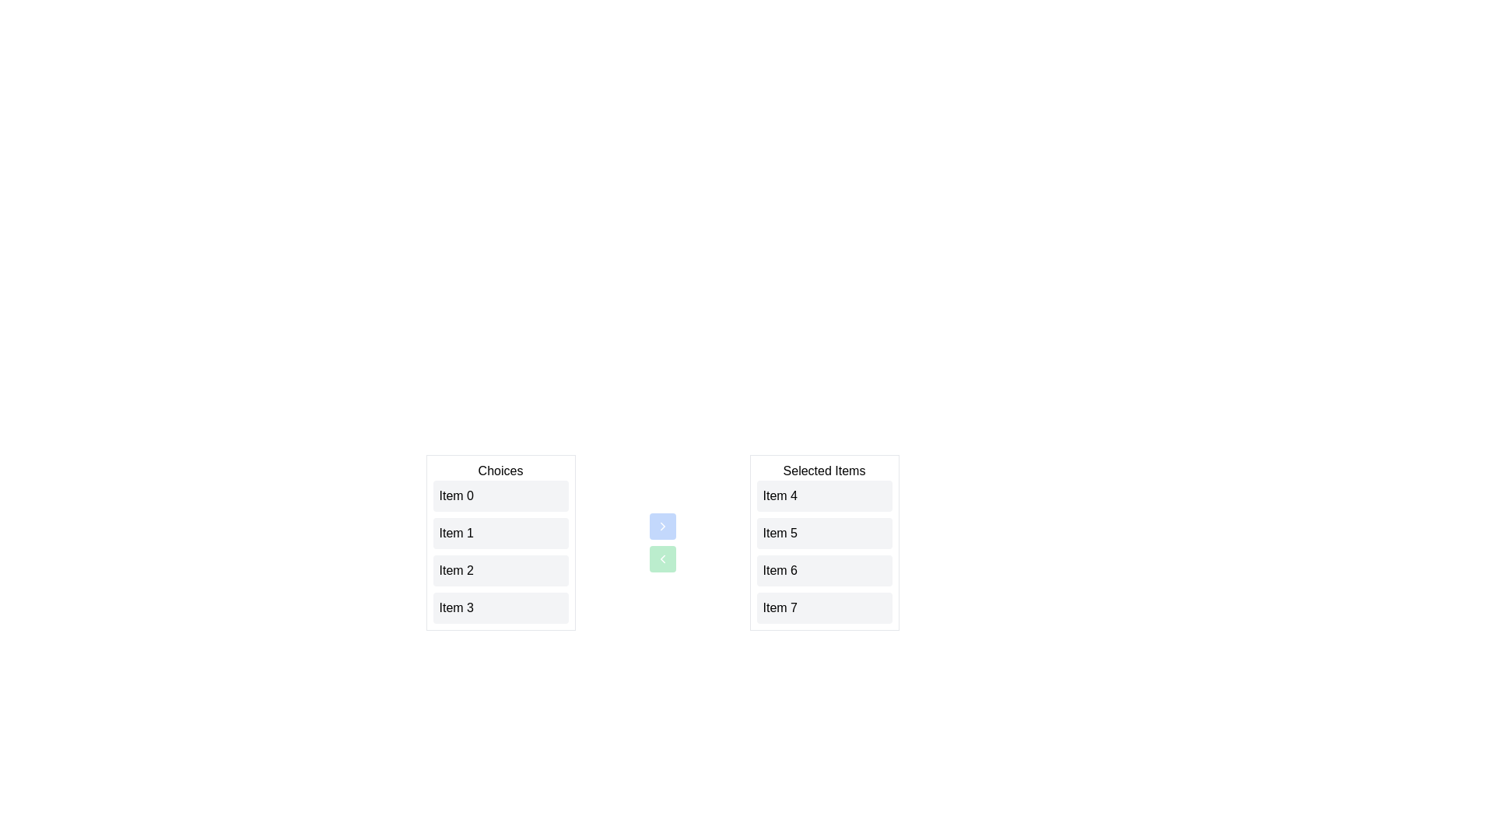  I want to click on the 'Item 7' text label within the 'Selected Items' panel, so click(780, 607).